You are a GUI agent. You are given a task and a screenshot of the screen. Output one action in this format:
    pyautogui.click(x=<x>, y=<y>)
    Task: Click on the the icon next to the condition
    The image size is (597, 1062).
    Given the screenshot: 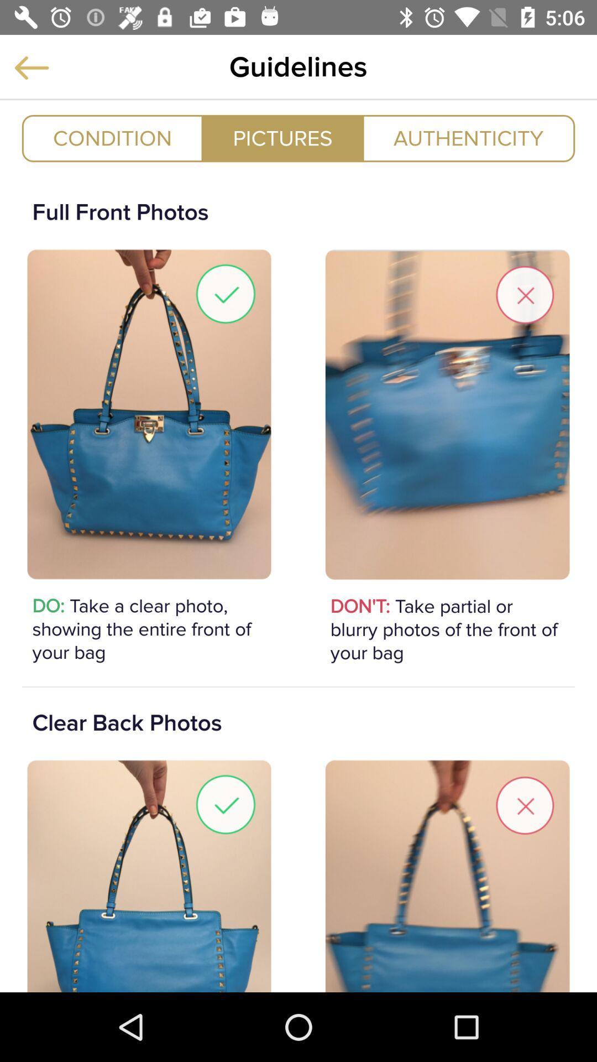 What is the action you would take?
    pyautogui.click(x=282, y=138)
    